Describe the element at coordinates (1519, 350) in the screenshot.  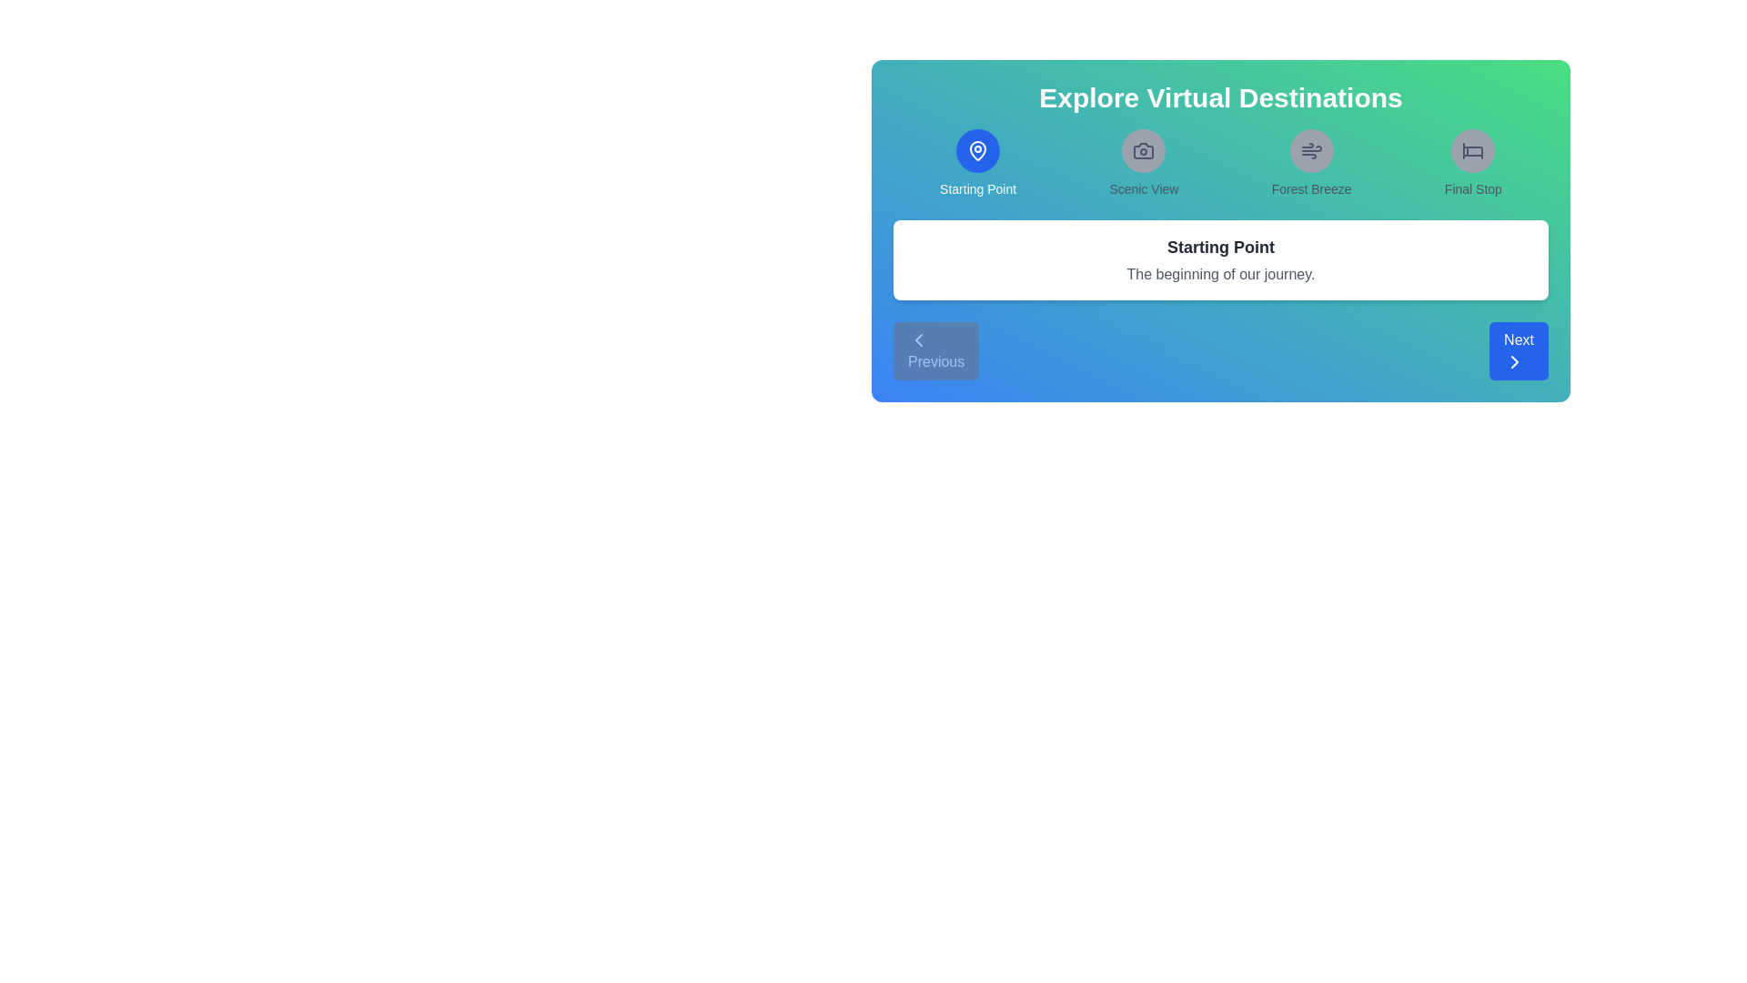
I see `the 'Next' button to navigate to the next location` at that location.